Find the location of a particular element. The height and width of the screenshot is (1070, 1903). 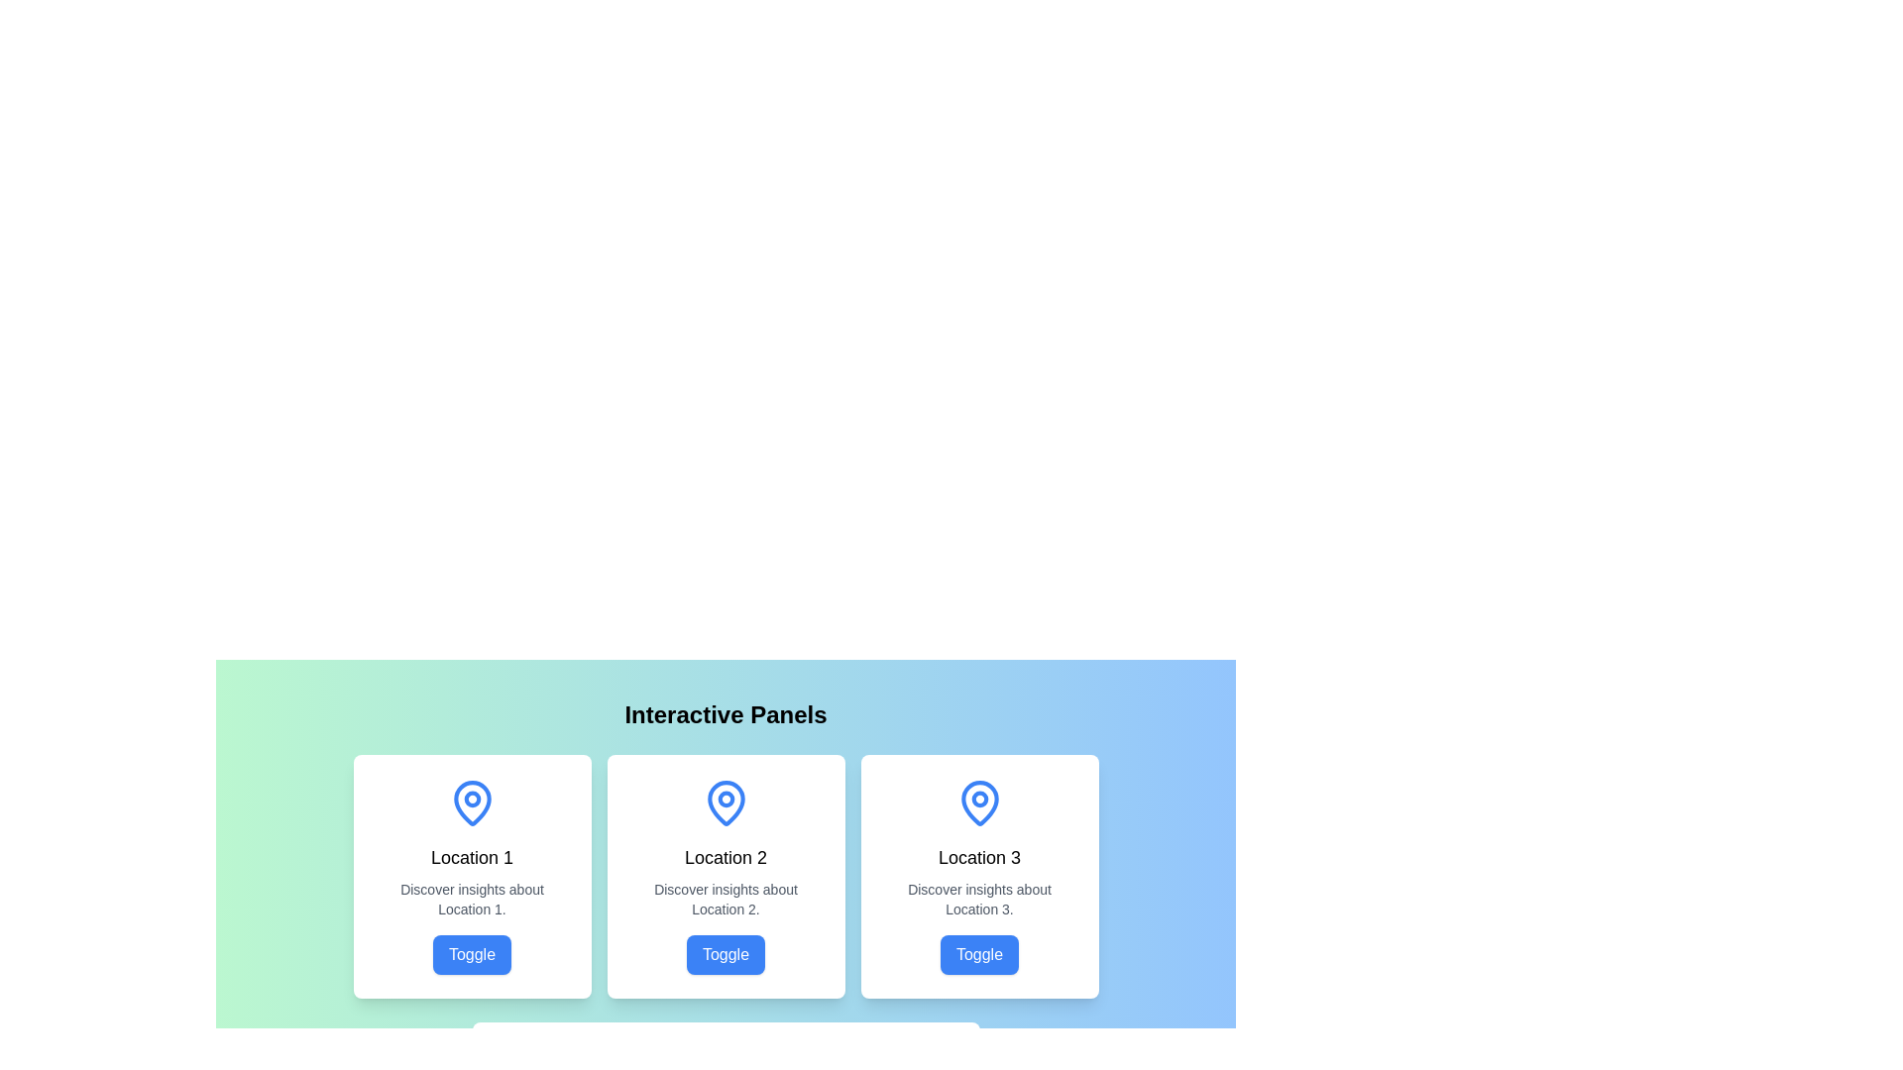

the text label displaying 'Location 2', which is the title of the central card in a row of three cards is located at coordinates (725, 857).